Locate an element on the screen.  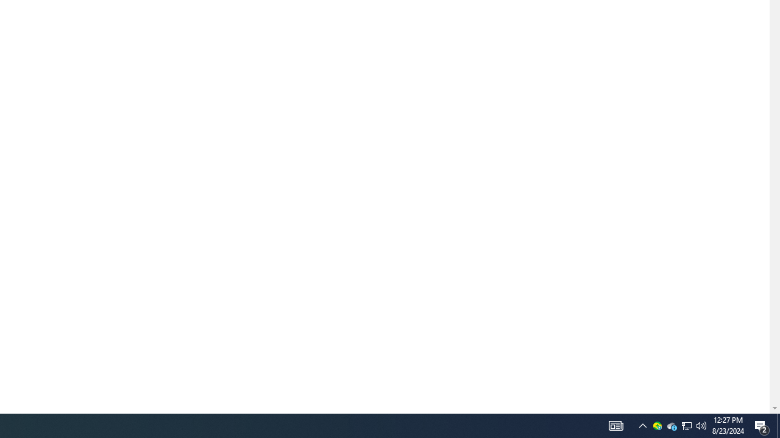
'Show desktop' is located at coordinates (778, 425).